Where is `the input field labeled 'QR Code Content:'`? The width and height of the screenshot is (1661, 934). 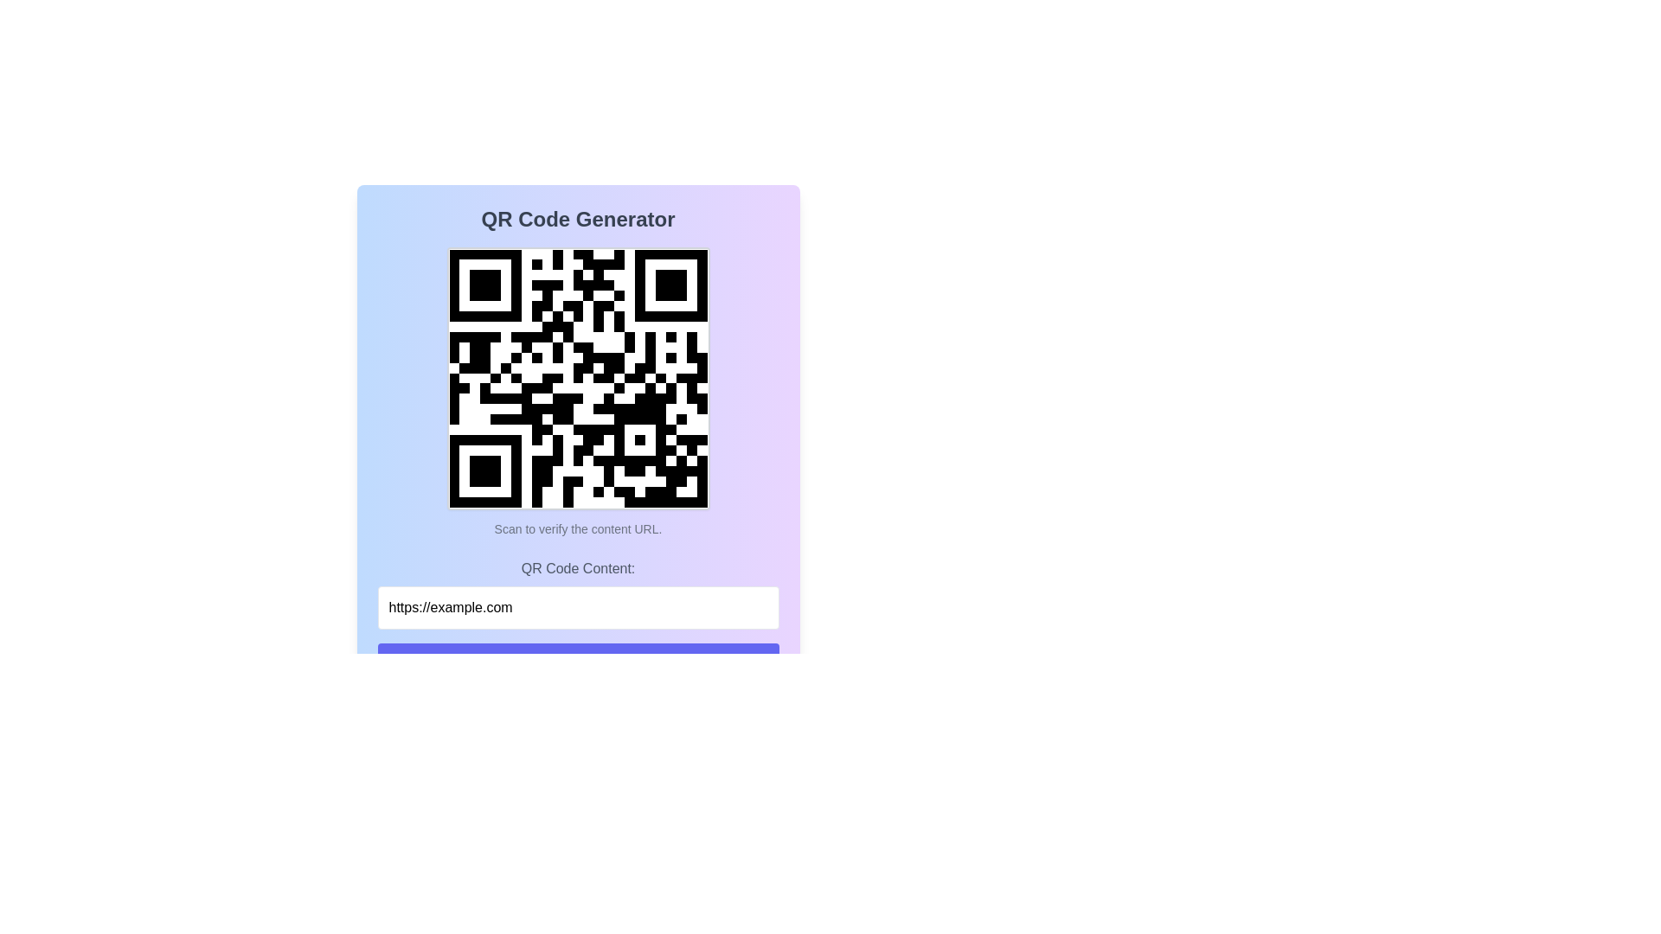
the input field labeled 'QR Code Content:' is located at coordinates (578, 592).